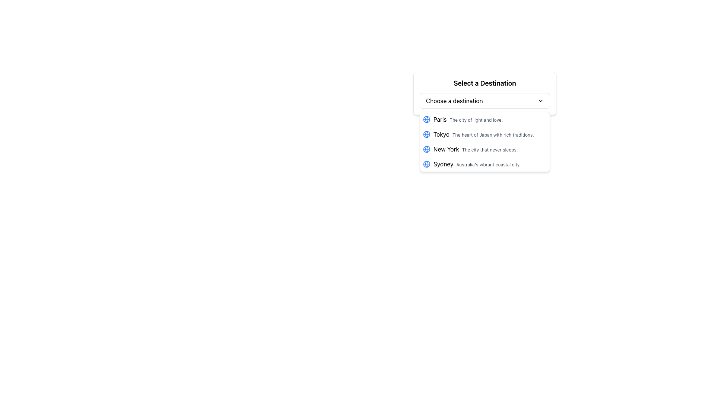 The height and width of the screenshot is (402, 715). Describe the element at coordinates (490, 150) in the screenshot. I see `the non-interactive text label providing additional information about the city 'New York' in the dropdown list labeled 'Select a Destination.'` at that location.